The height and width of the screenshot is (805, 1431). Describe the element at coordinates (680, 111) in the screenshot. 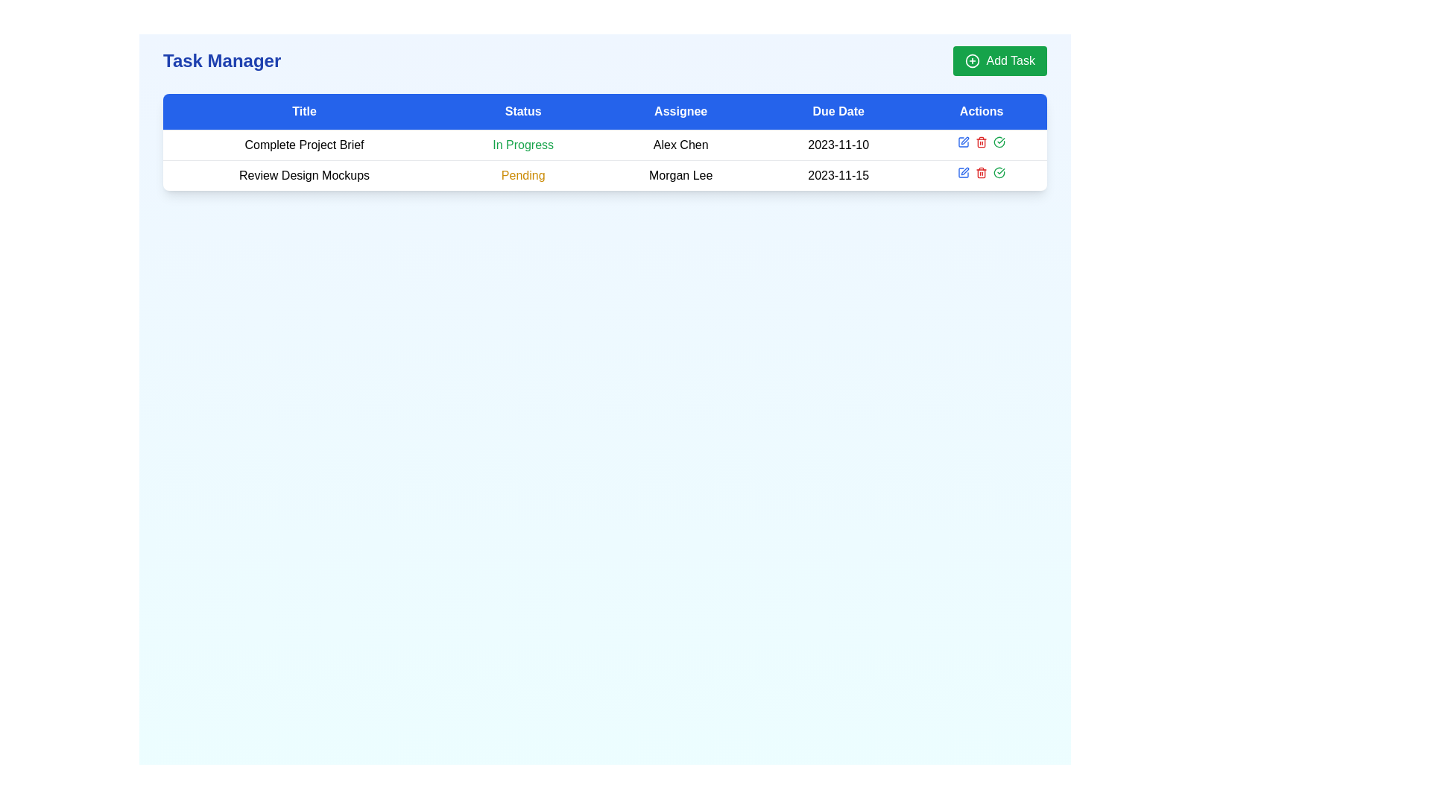

I see `the 'Assignee' column header in the task management table, which is the third tab from the left, located between 'Status' and 'Due Date'` at that location.